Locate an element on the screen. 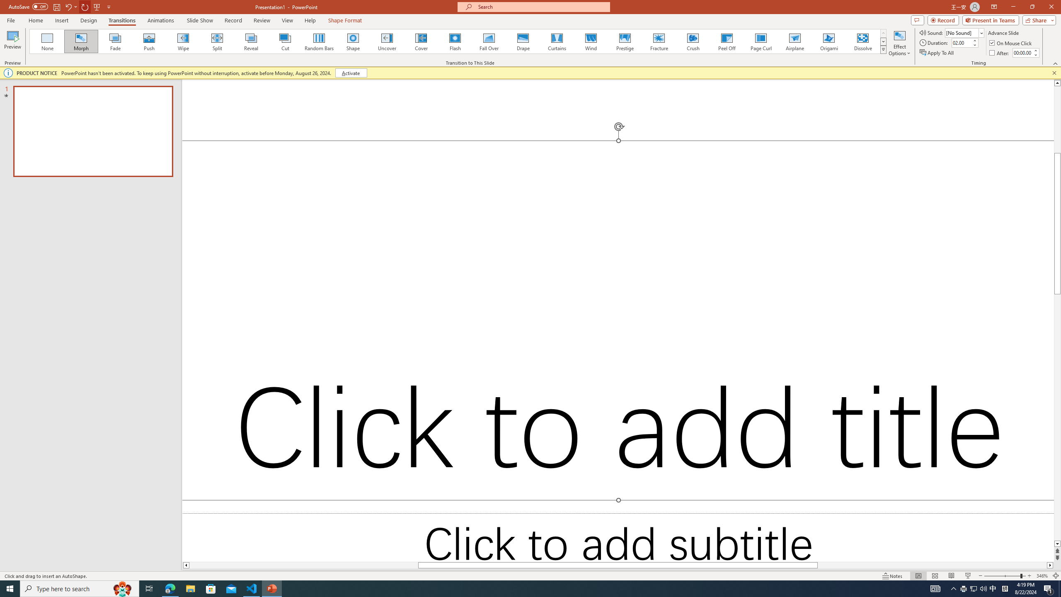 The image size is (1061, 597). 'Origami' is located at coordinates (828, 41).